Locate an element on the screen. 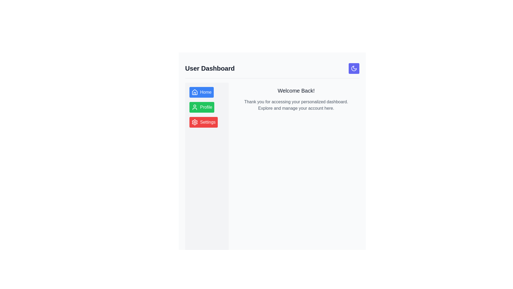  the 'Profile' button, which has a green background and white text is located at coordinates (201, 107).